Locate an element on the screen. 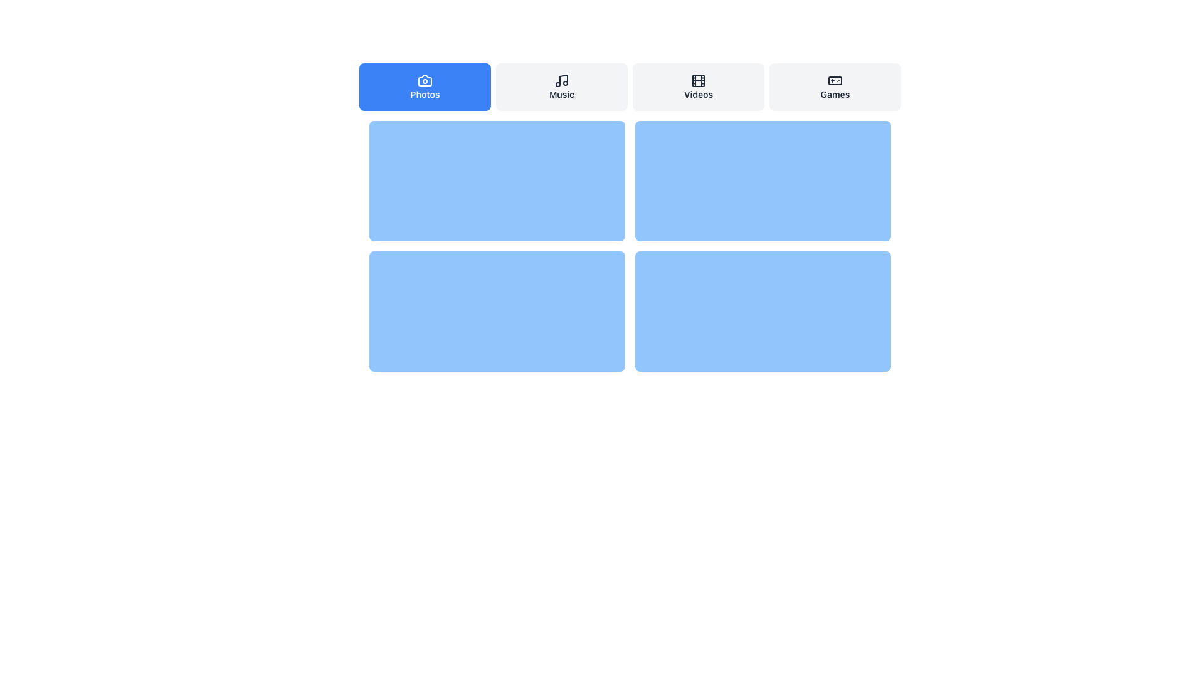  the 'Games' button, which is the fourth button in a horizontal layout with a gray background and a black gamepad icon is located at coordinates (835, 86).